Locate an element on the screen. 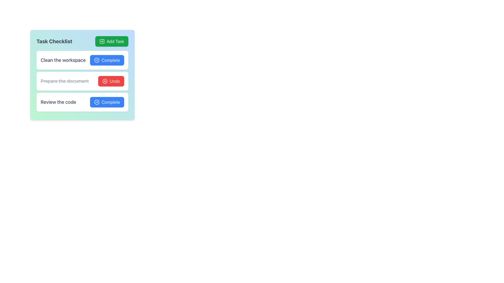 The height and width of the screenshot is (283, 504). the 'Undo' button located within the 'Prepare the document' card in the 'Task Checklist' is located at coordinates (111, 81).